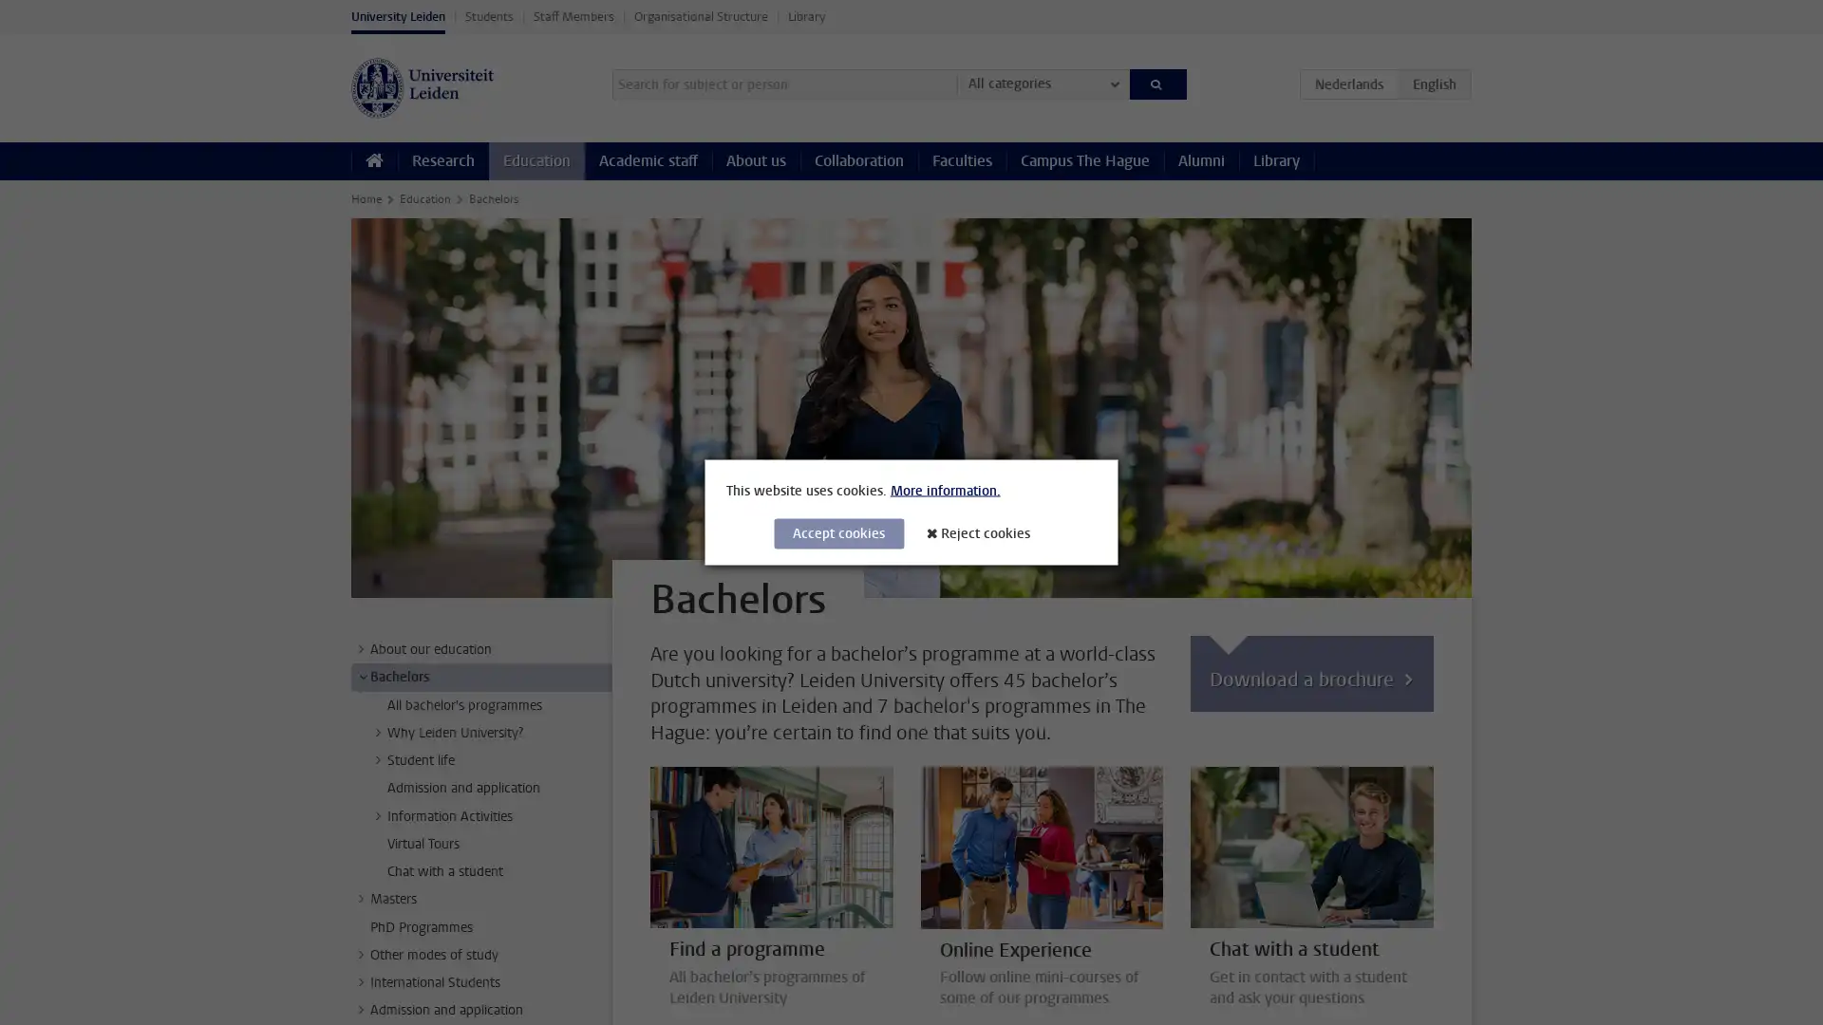 This screenshot has width=1823, height=1025. Describe the element at coordinates (361, 1009) in the screenshot. I see `>` at that location.